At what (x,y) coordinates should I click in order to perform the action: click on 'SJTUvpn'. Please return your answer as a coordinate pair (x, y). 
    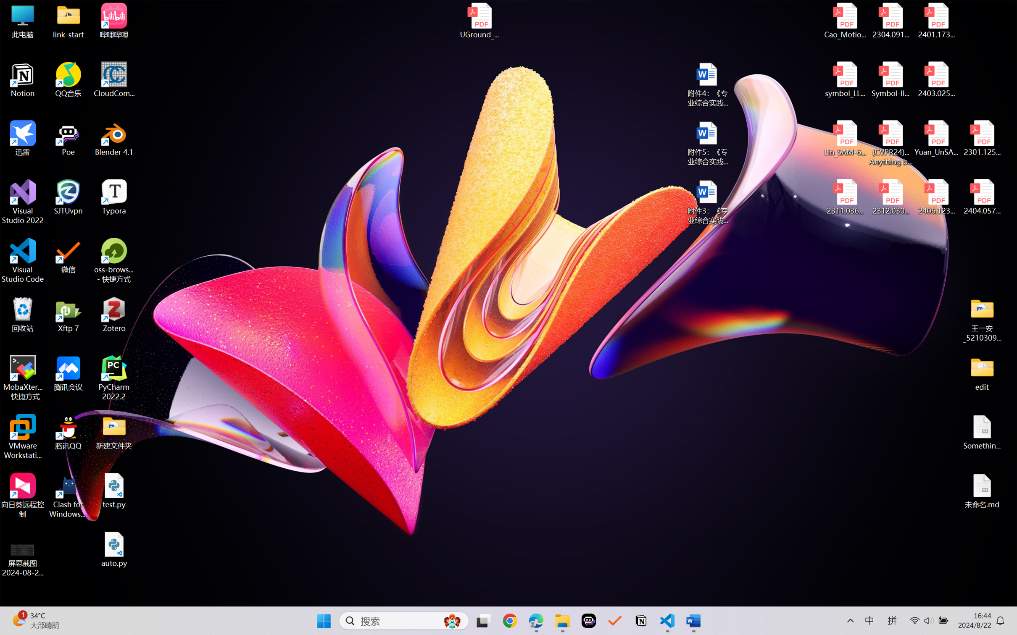
    Looking at the image, I should click on (69, 197).